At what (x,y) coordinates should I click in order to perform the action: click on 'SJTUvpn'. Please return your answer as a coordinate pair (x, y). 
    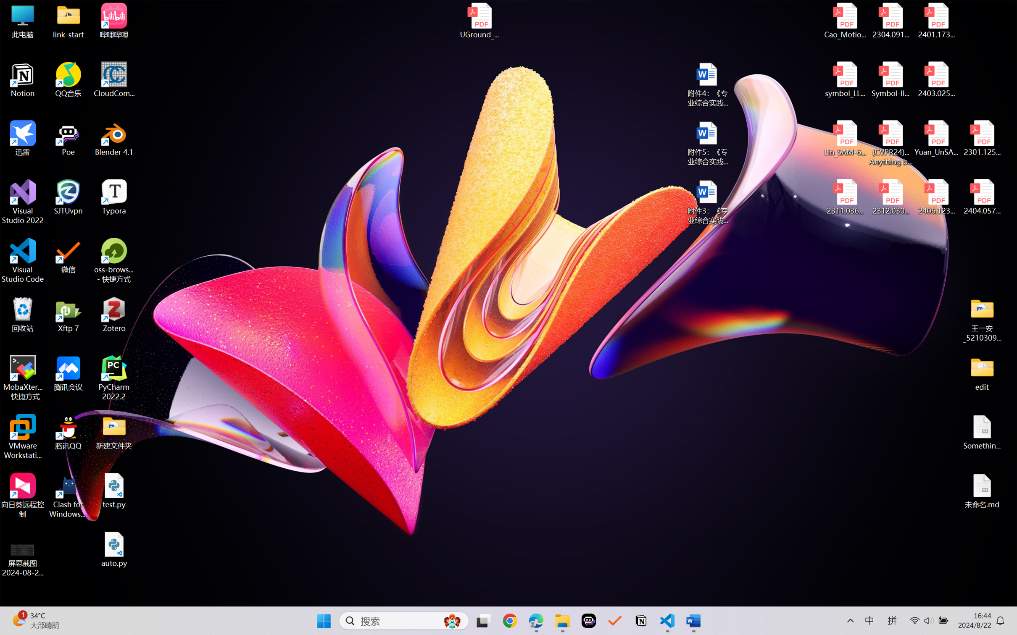
    Looking at the image, I should click on (69, 197).